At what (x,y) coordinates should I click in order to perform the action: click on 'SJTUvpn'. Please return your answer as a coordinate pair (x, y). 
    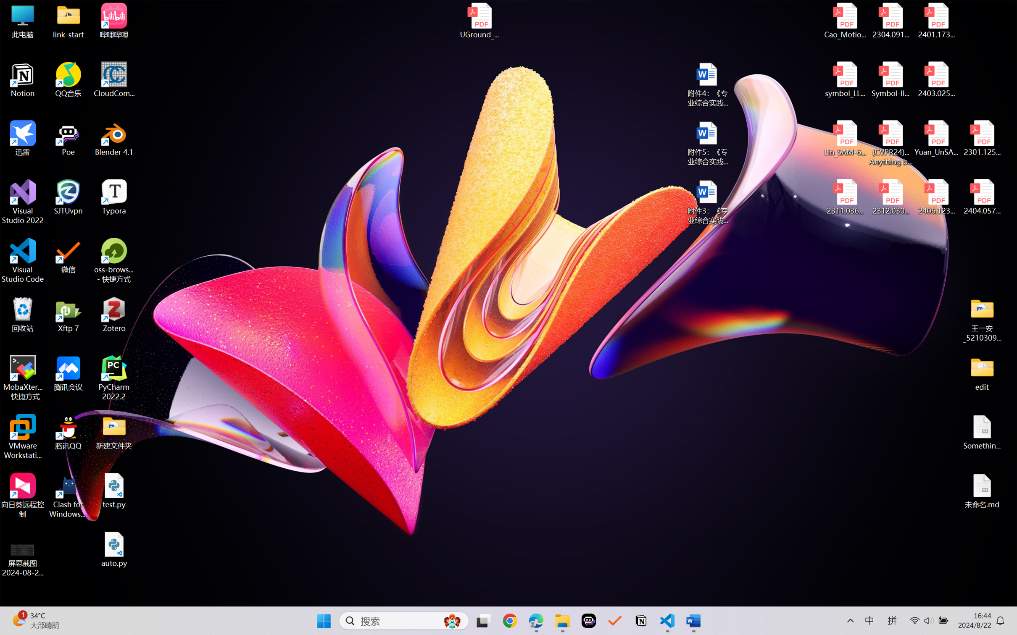
    Looking at the image, I should click on (69, 197).